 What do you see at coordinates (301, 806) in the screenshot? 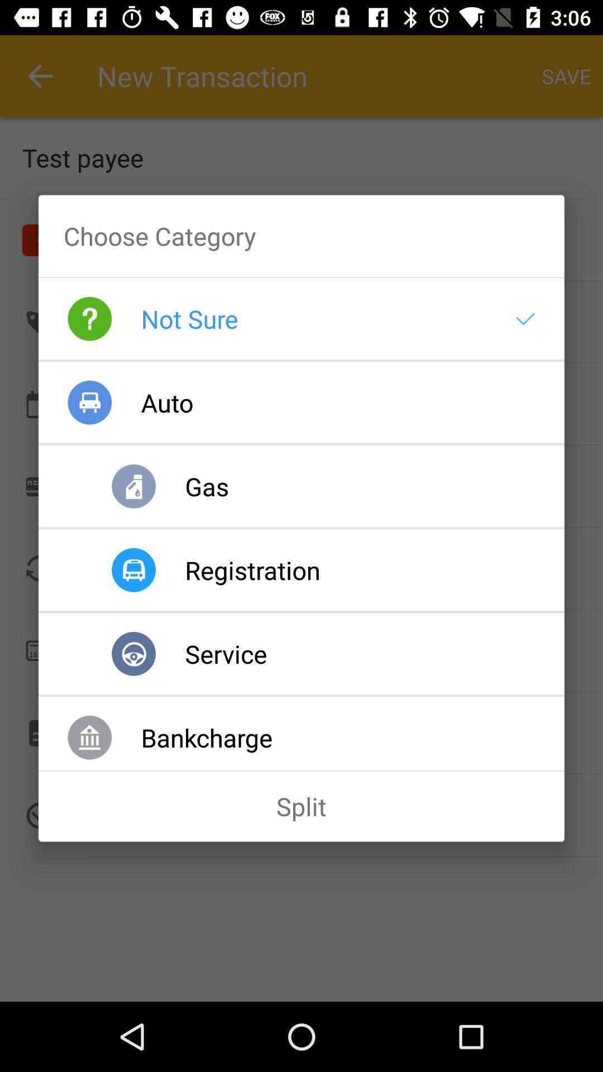
I see `the split` at bounding box center [301, 806].